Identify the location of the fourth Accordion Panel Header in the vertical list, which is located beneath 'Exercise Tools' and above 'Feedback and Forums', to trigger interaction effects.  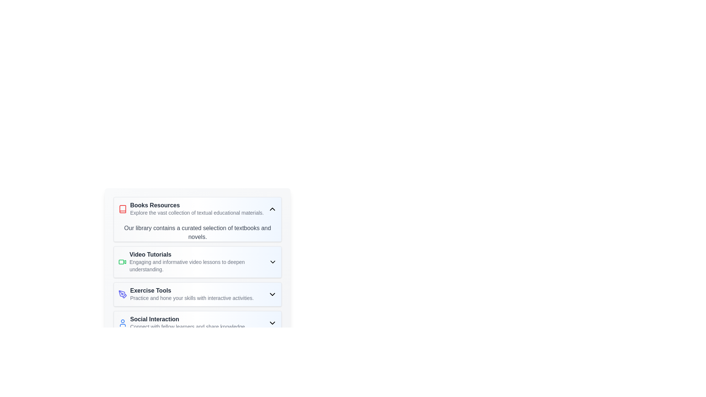
(197, 323).